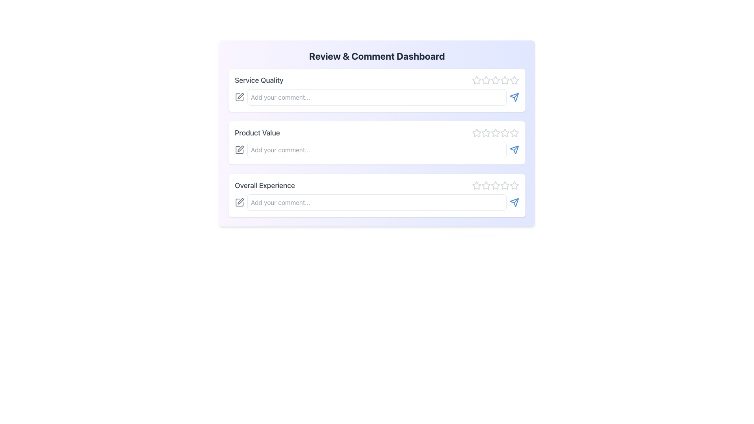  What do you see at coordinates (505, 185) in the screenshot?
I see `the fourth star-shaped icon with a gray outline in the 'Overall Experience' rating system` at bounding box center [505, 185].